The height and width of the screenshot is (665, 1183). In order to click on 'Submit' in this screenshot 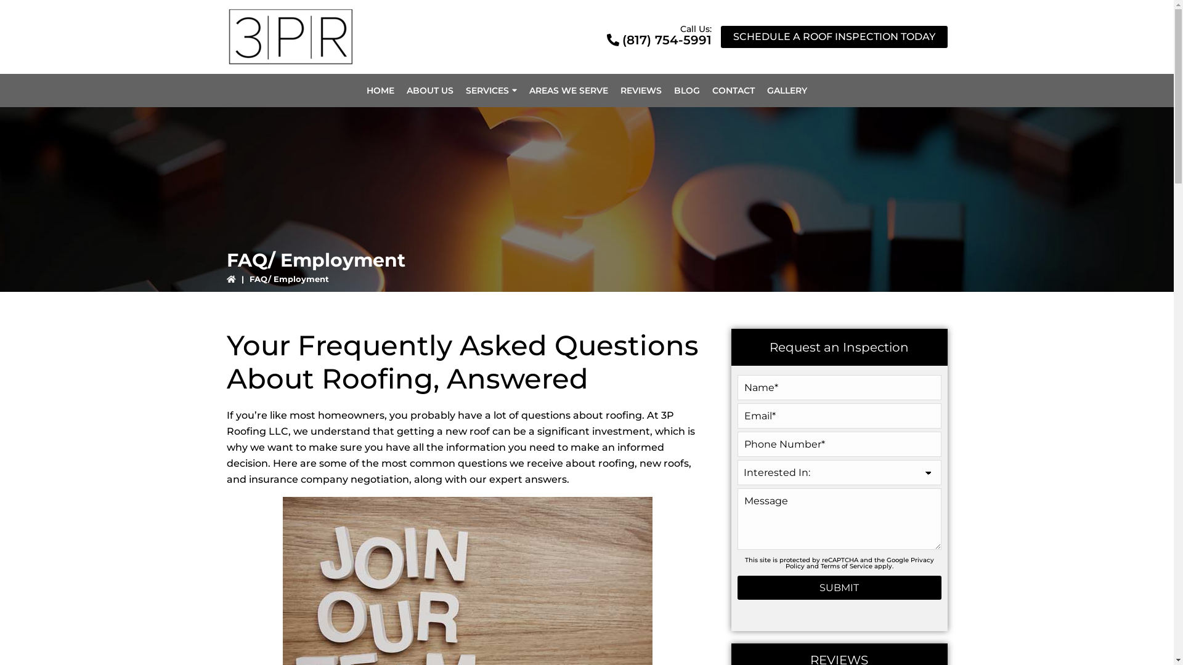, I will do `click(838, 587)`.